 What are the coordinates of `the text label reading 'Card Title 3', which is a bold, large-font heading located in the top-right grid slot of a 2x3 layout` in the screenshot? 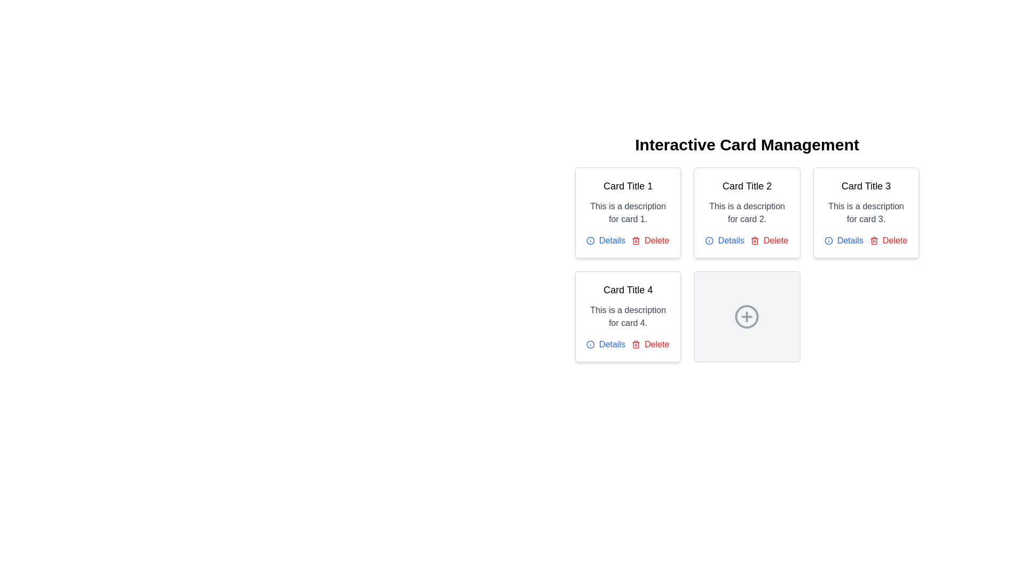 It's located at (866, 185).